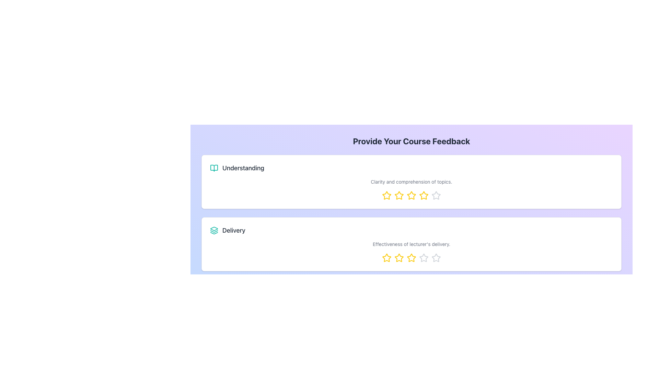 Image resolution: width=659 pixels, height=370 pixels. Describe the element at coordinates (412, 244) in the screenshot. I see `the text label that says 'Effectiveness of lecturer's delivery.' which is styled with a small font size and grayish text color, positioned below the heading 'Delivery'` at that location.